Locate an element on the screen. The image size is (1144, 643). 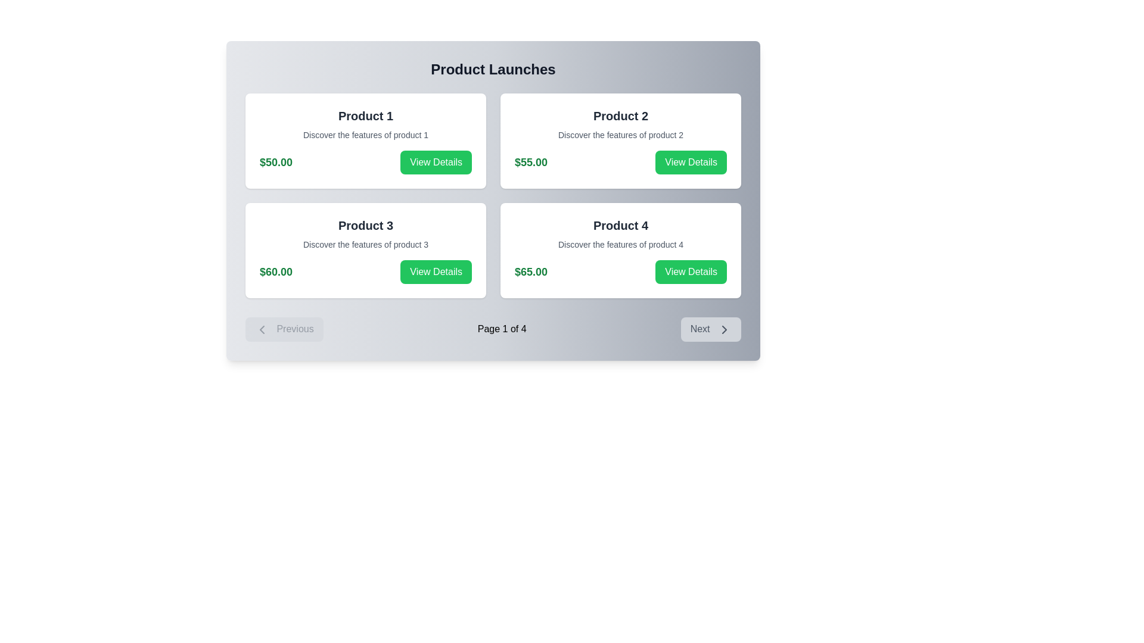
the static text header identifying 'Product 4' located in the top section of the fourth product card in a 2x2 grid layout is located at coordinates (620, 225).